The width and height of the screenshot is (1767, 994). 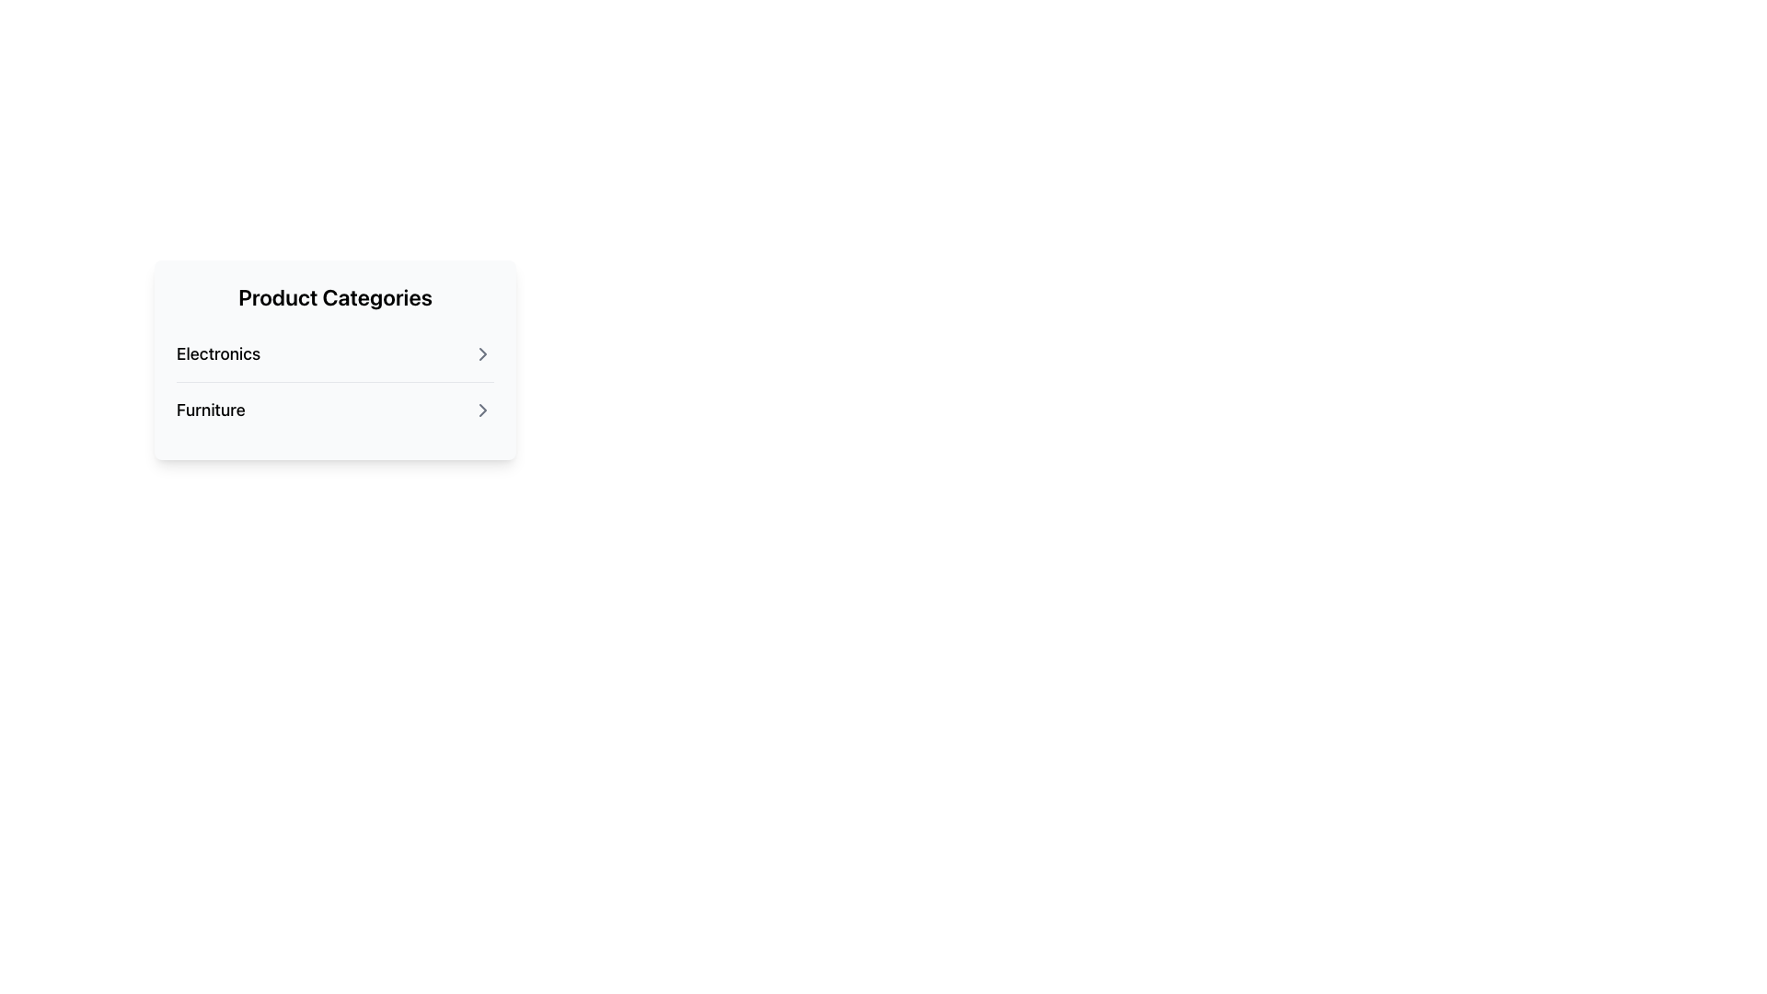 What do you see at coordinates (335, 410) in the screenshot?
I see `the second row in the 'Product Categories' list, which is the 'Furniture' item` at bounding box center [335, 410].